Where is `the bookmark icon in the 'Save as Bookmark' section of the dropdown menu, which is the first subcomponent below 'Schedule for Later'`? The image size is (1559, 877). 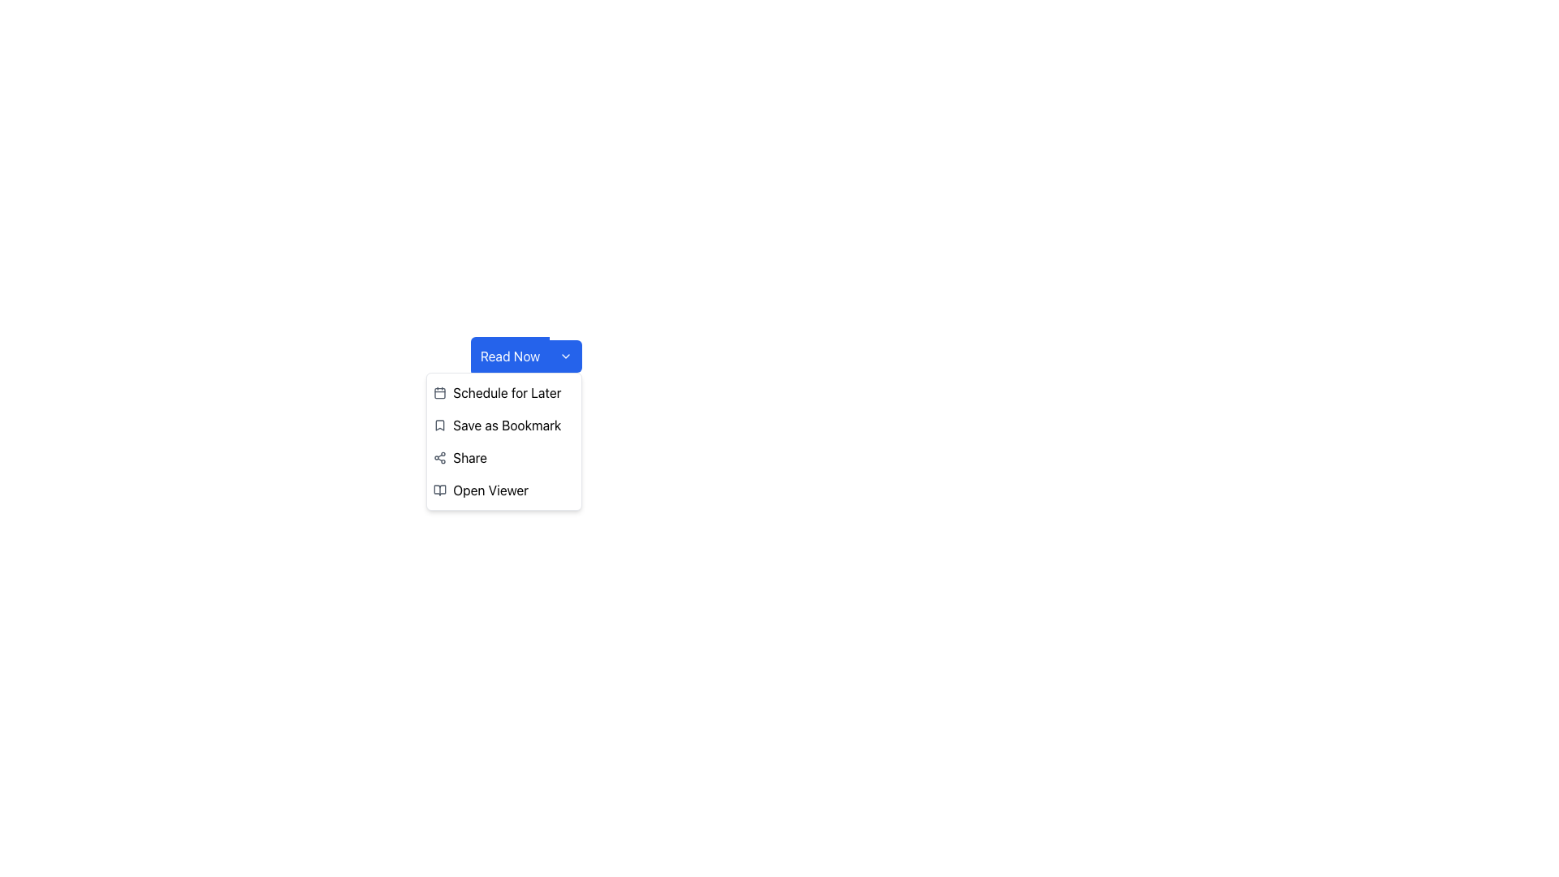
the bookmark icon in the 'Save as Bookmark' section of the dropdown menu, which is the first subcomponent below 'Schedule for Later' is located at coordinates (440, 425).